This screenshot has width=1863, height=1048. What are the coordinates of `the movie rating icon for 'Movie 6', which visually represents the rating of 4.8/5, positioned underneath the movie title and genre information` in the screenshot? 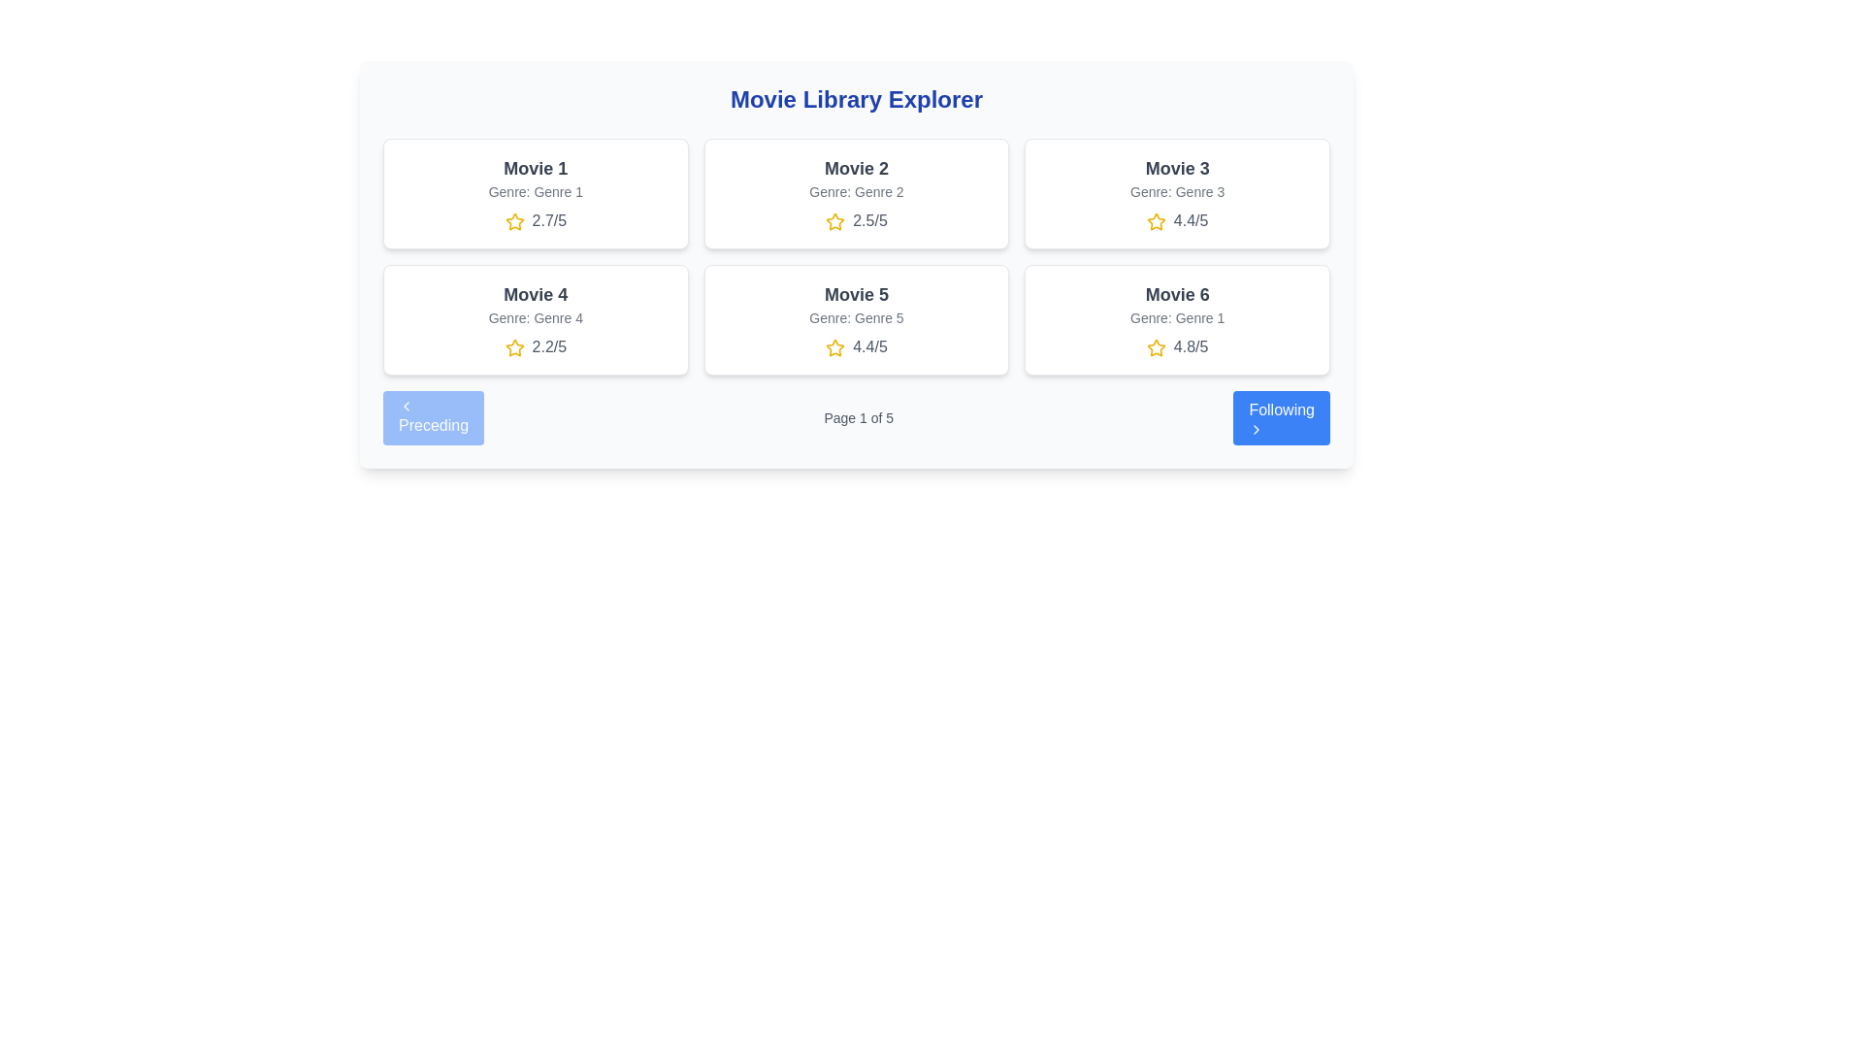 It's located at (1156, 346).